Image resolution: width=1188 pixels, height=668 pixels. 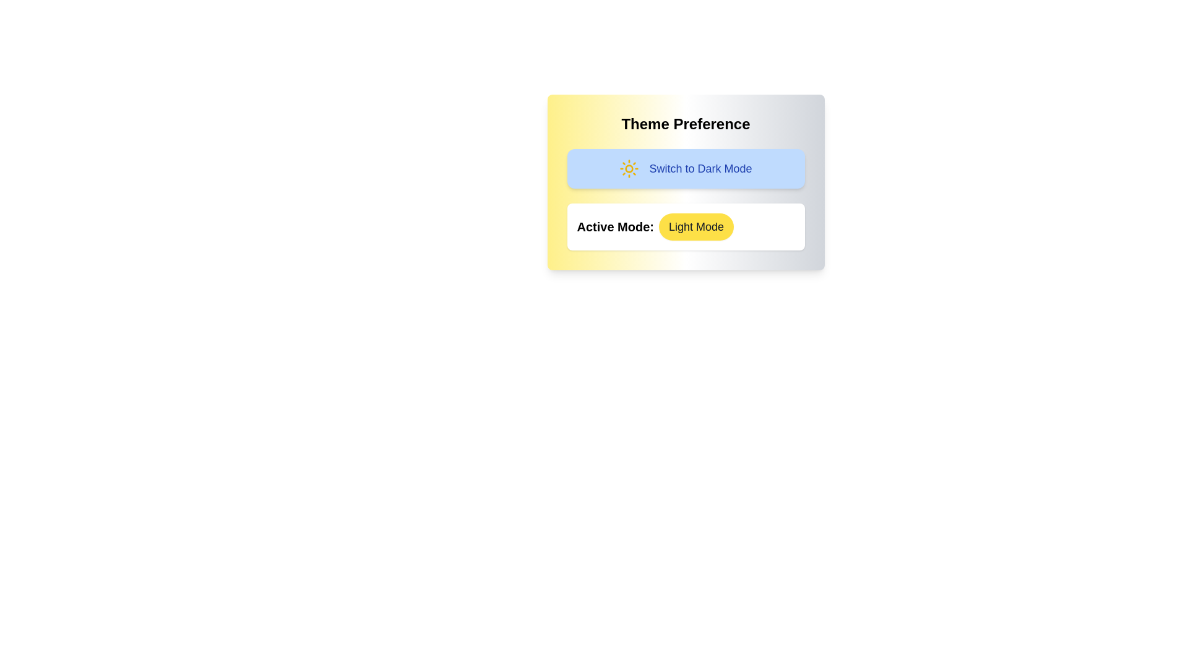 I want to click on the text heading labeled 'Theme Preference', which is styled with a larger font size and bold typeface, located at the top of a card with a gradient background transitioning from yellow to gray, so click(x=685, y=124).